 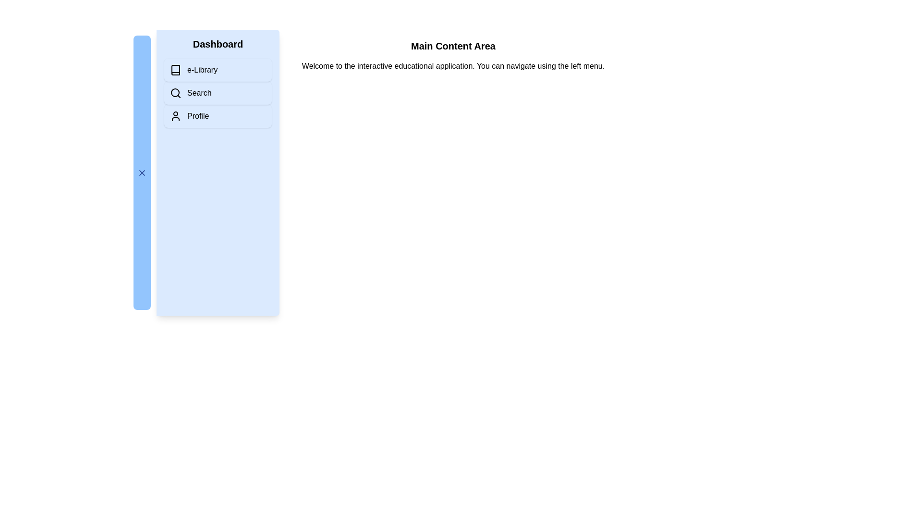 What do you see at coordinates (218, 93) in the screenshot?
I see `the 'Search' button located in the sidebar labeled 'Dashboard'` at bounding box center [218, 93].